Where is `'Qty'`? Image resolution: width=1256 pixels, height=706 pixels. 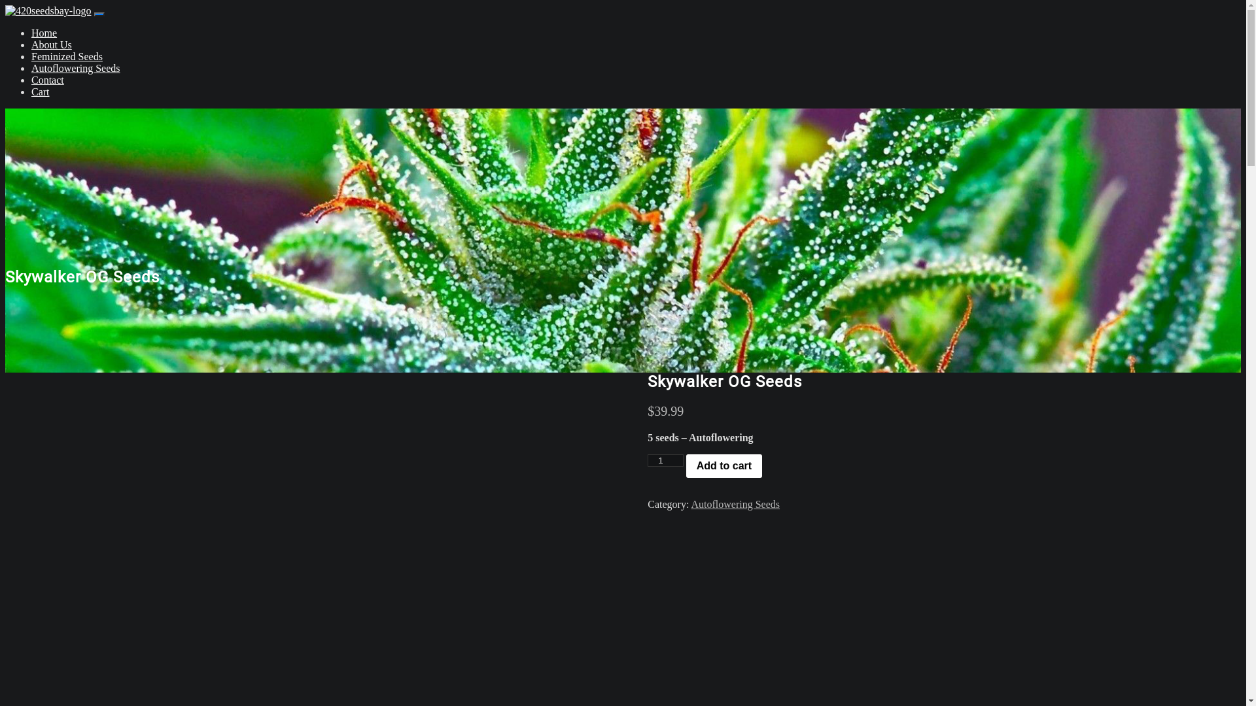 'Qty' is located at coordinates (647, 460).